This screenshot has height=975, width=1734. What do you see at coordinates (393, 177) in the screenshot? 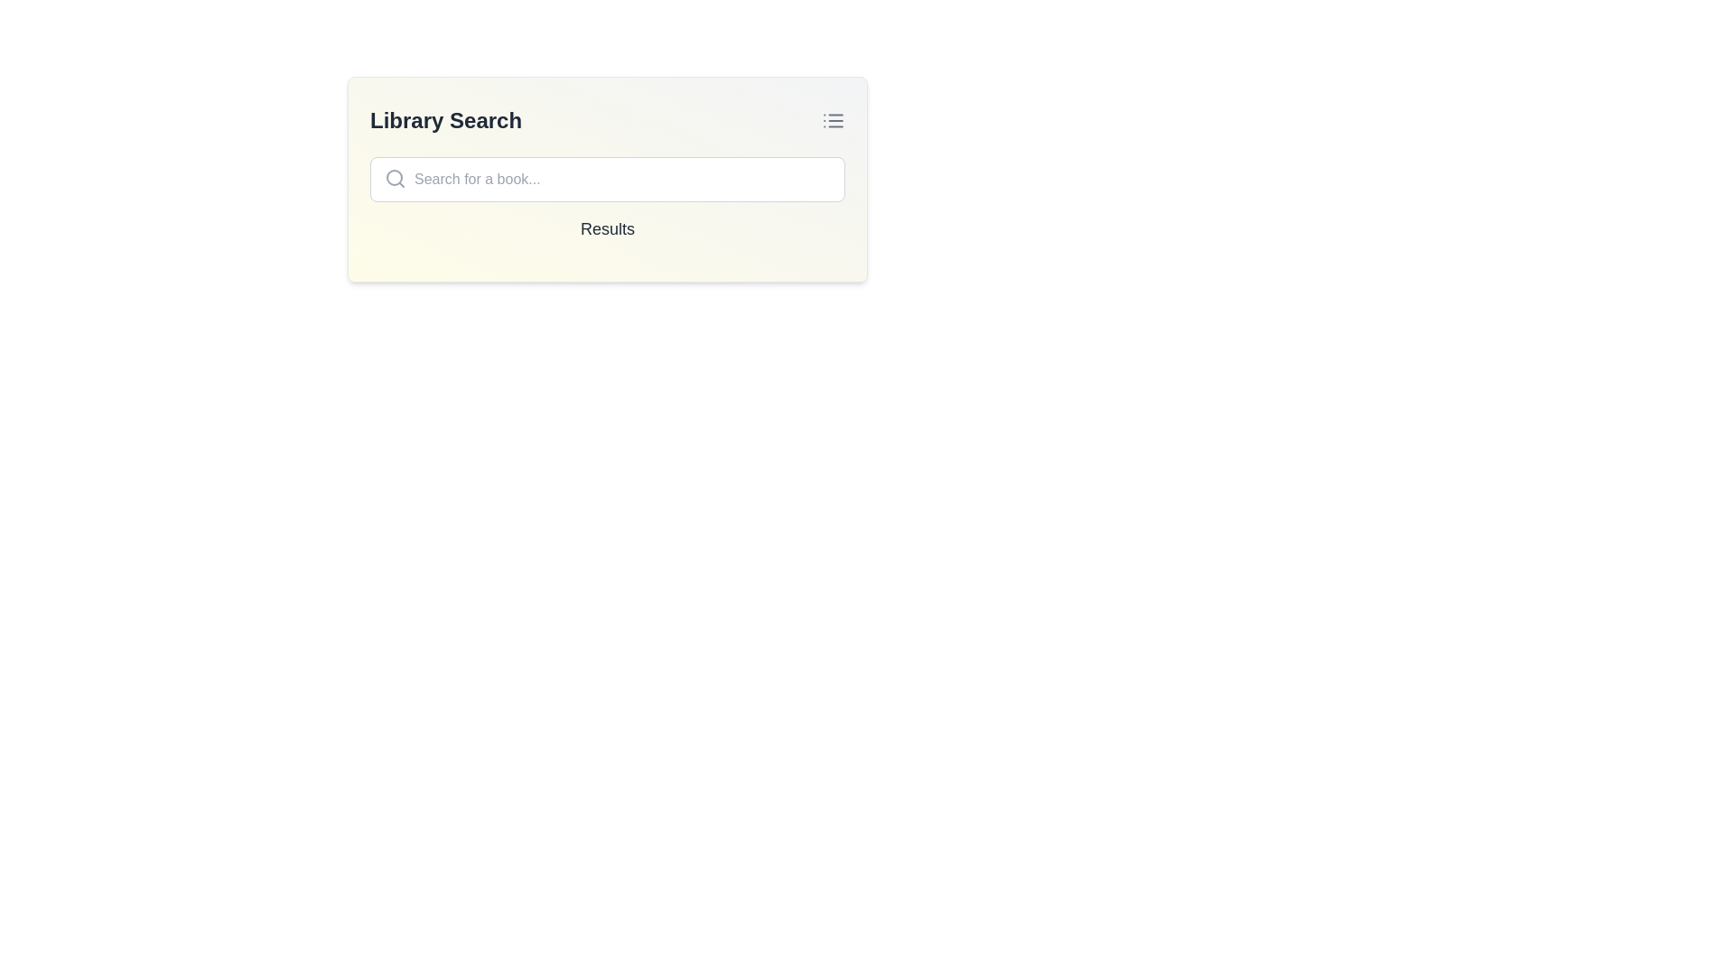
I see `the thin black circular SVG element that is part of the magnifying glass icon located on the left side of the 'Search for a book...' input field` at bounding box center [393, 177].